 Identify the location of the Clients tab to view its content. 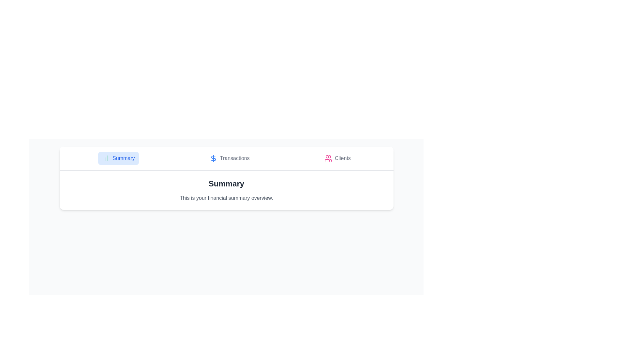
(337, 158).